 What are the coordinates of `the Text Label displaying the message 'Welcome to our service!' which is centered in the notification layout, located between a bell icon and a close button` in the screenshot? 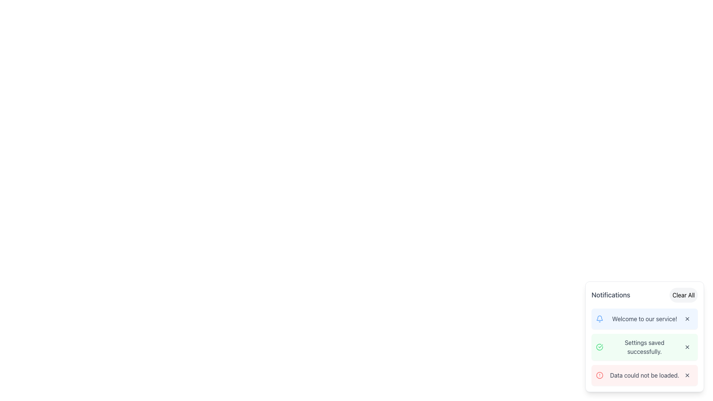 It's located at (644, 319).